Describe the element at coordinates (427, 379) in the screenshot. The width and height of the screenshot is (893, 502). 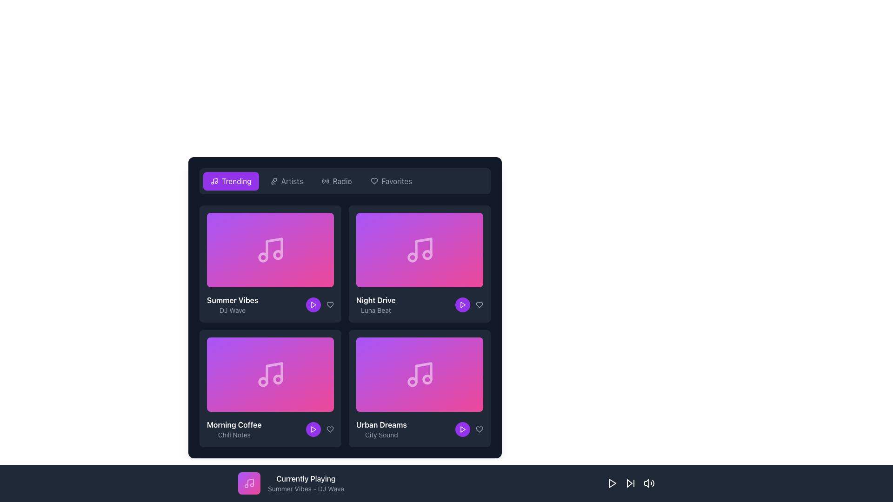
I see `the graphical icon located at the lower-right corner of the 'Urban Dreams' music card` at that location.